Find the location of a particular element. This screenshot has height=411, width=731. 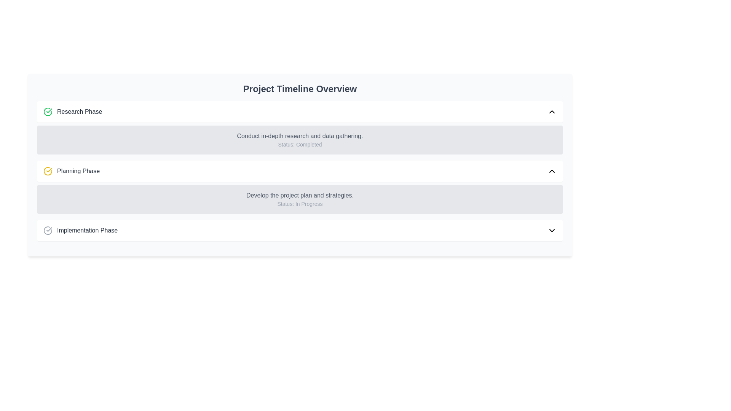

the toggle button with an icon located at the right edge of the 'Planning Phase' card is located at coordinates (552, 171).